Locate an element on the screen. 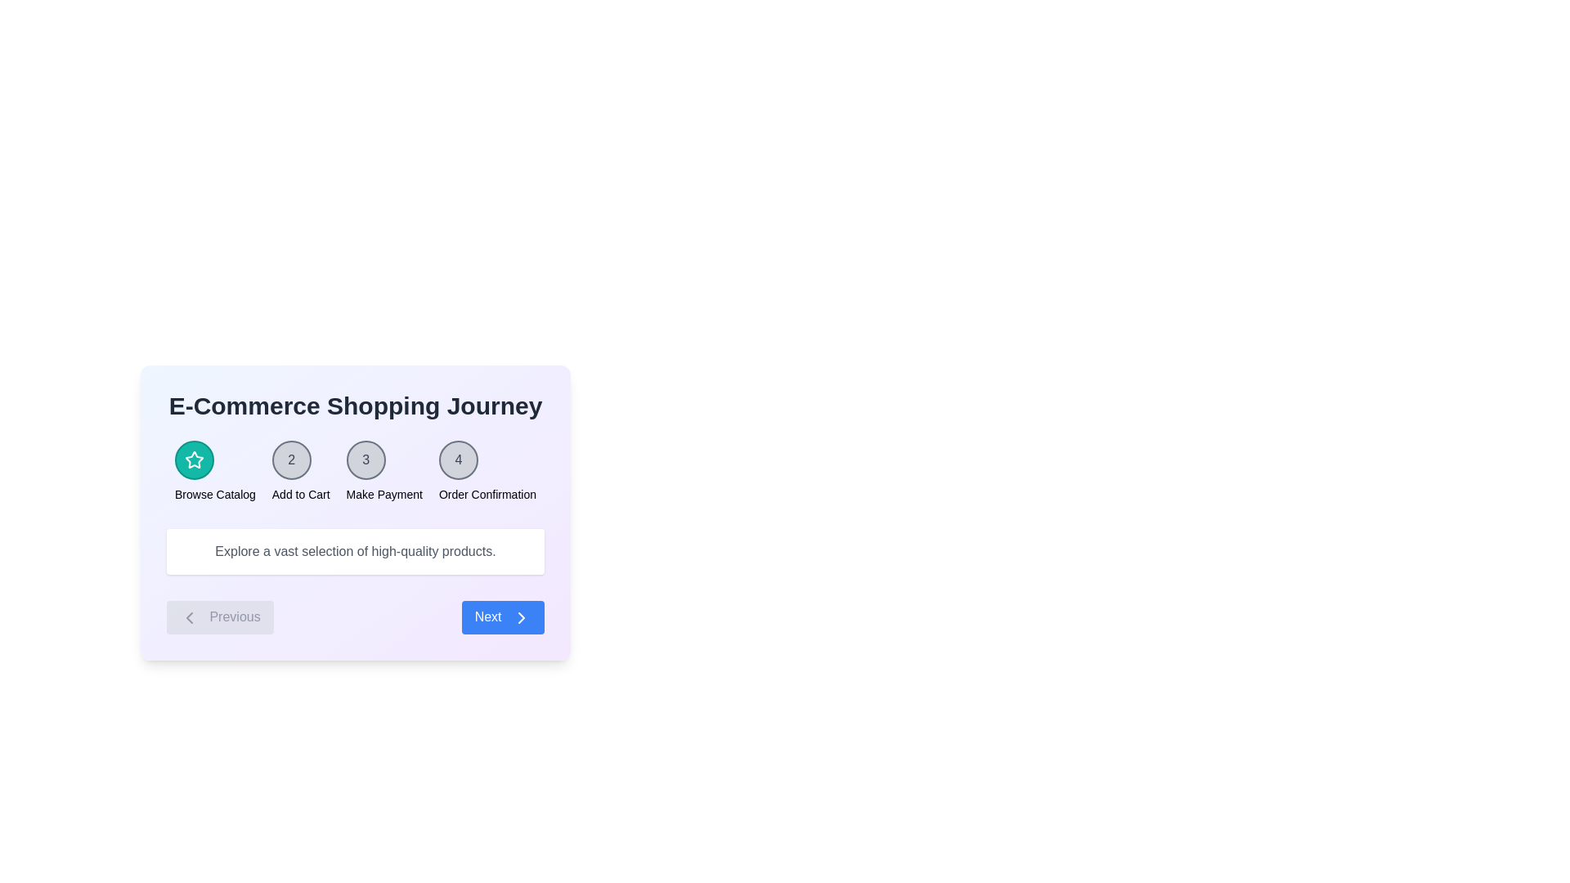  the small chevron-left icon located within the 'Previous' button at the bottom-left corner of the interface is located at coordinates (189, 617).